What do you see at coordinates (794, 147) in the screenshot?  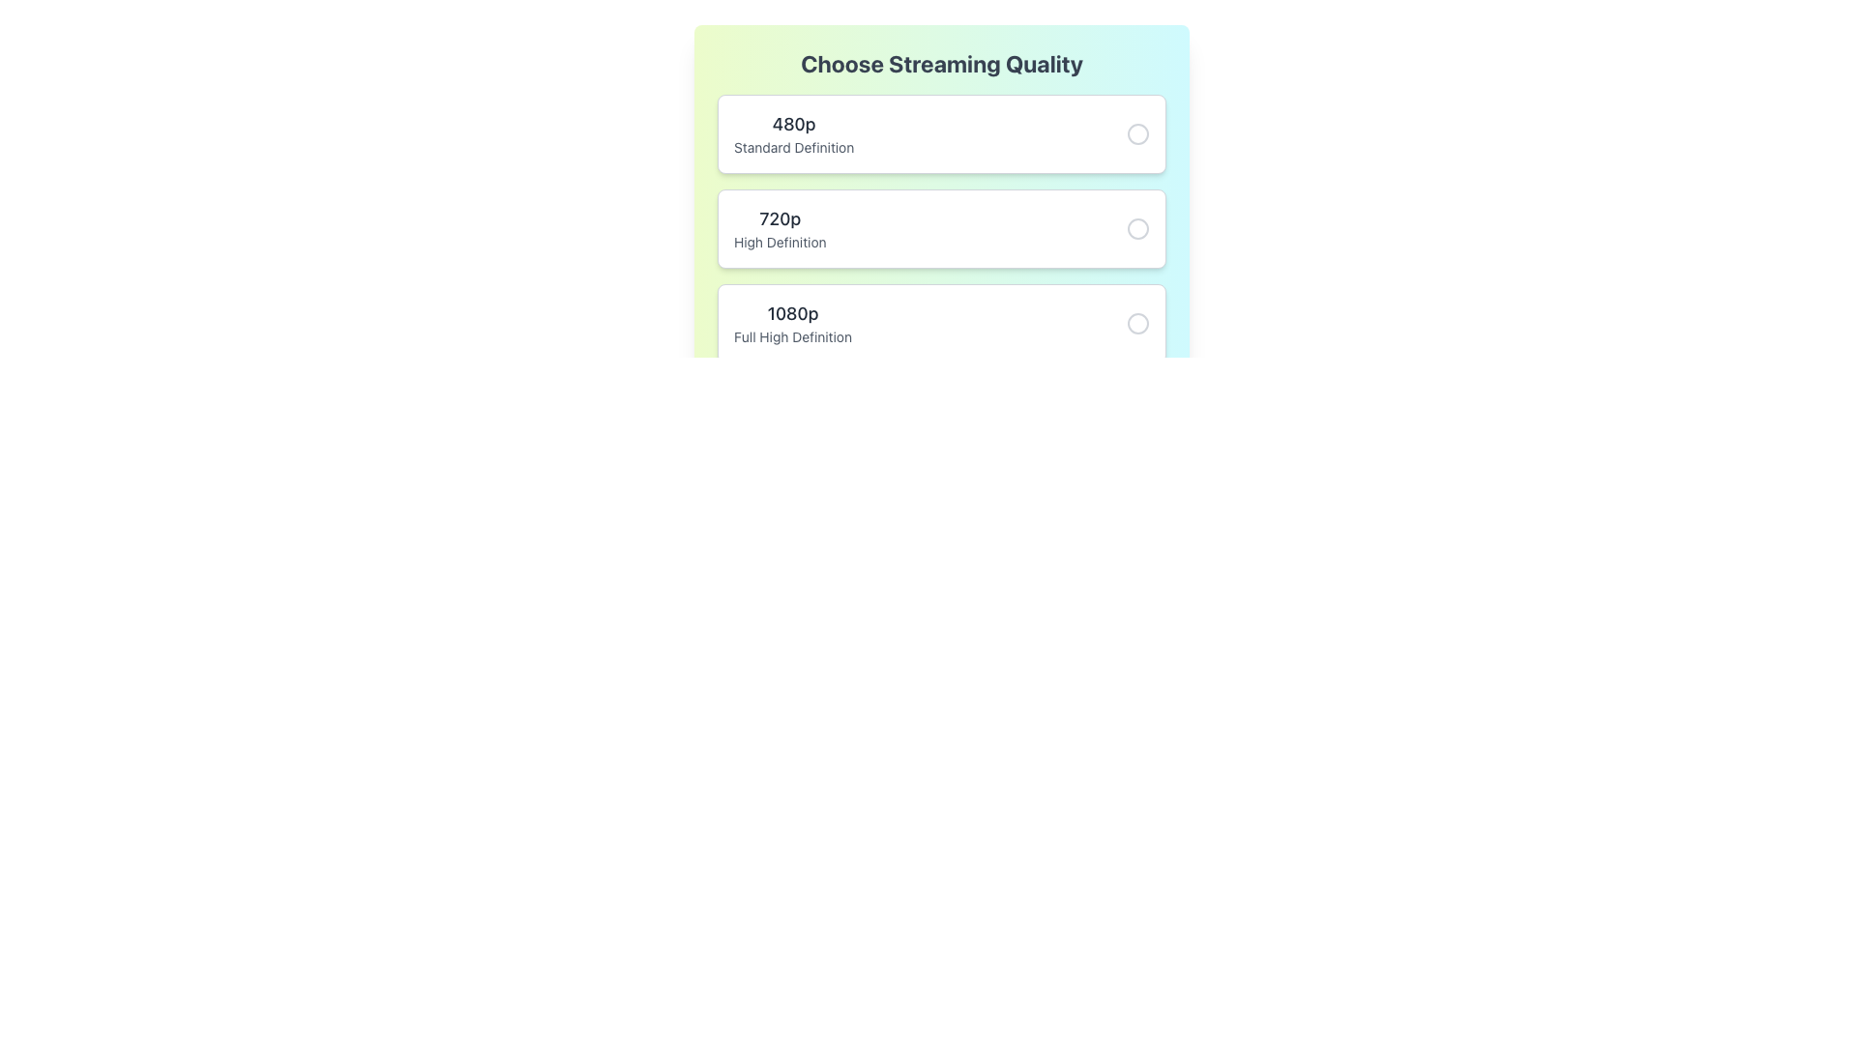 I see `descriptive text label located beneath the '480p' option in the topmost streaming quality card` at bounding box center [794, 147].